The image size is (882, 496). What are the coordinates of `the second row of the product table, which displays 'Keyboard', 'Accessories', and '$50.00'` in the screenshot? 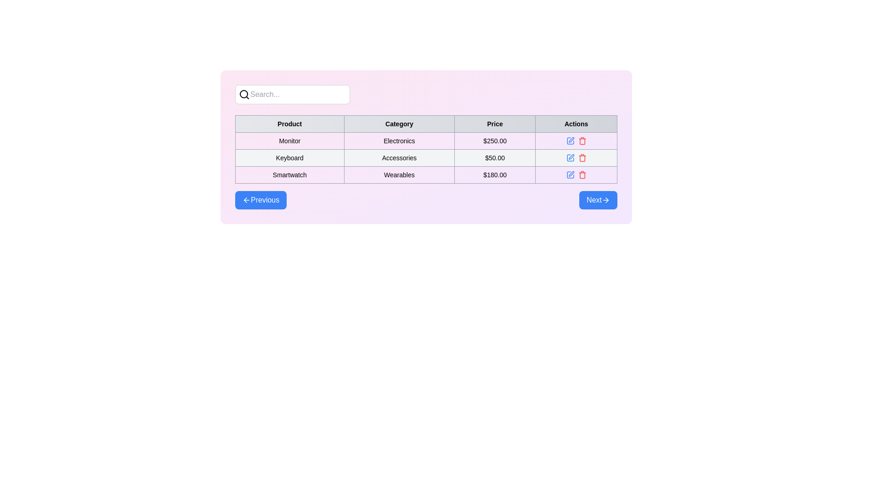 It's located at (425, 157).